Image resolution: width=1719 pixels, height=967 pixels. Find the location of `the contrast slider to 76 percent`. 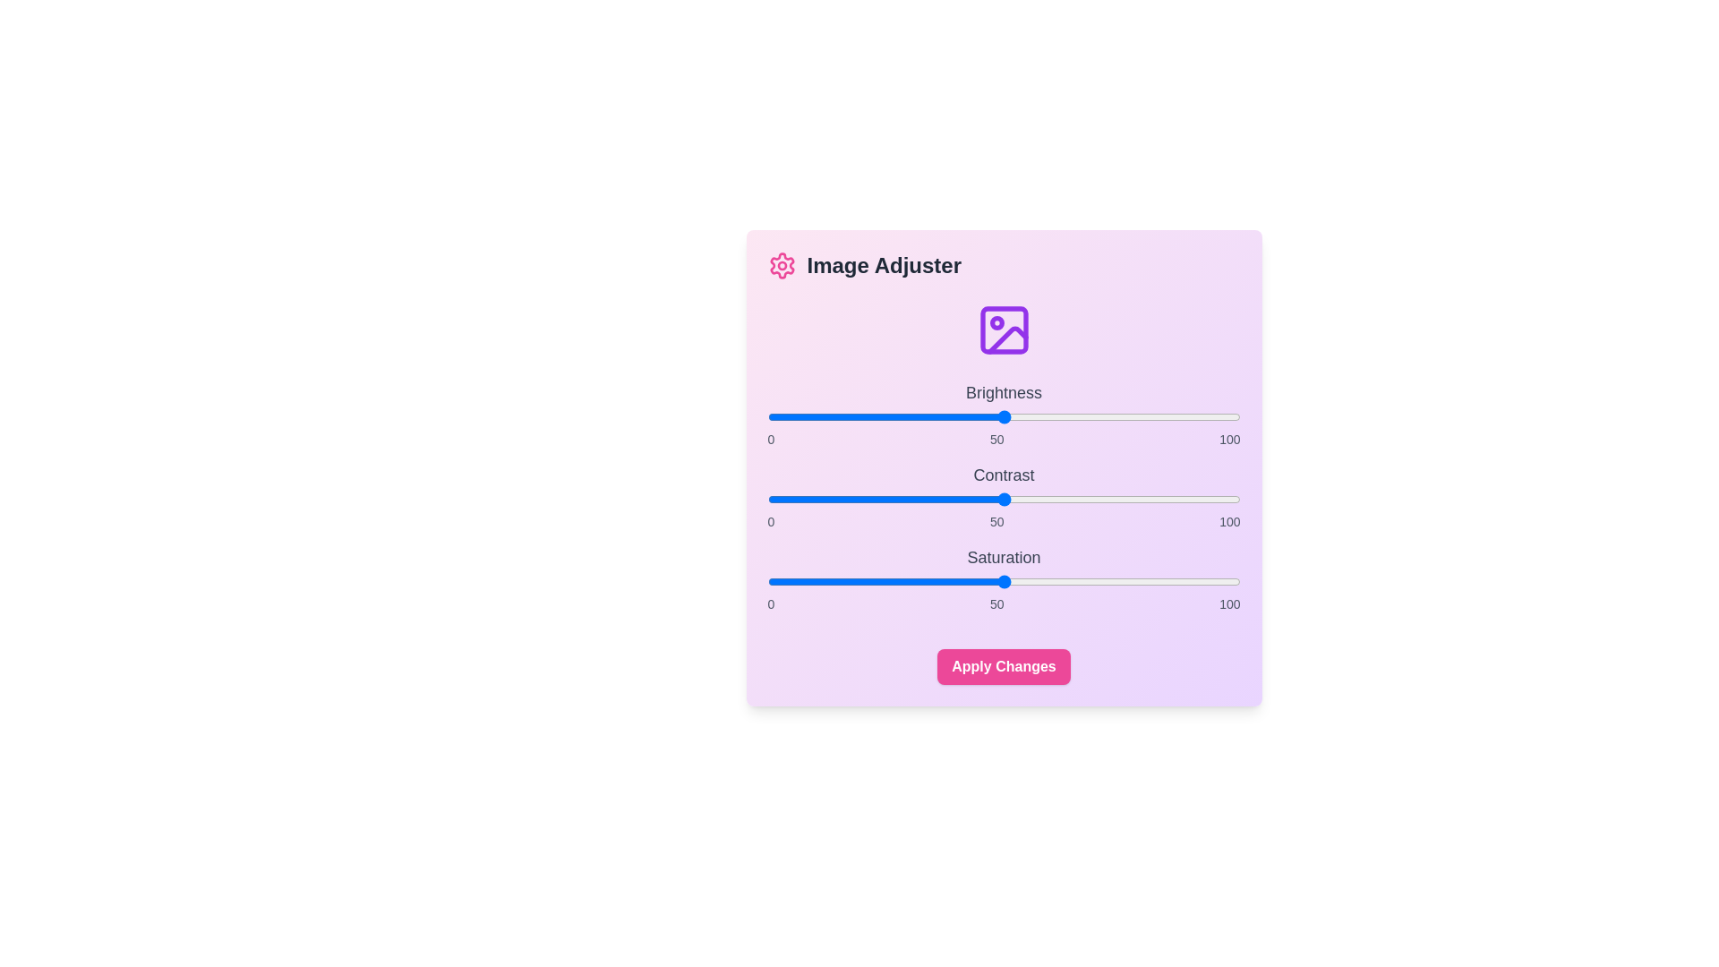

the contrast slider to 76 percent is located at coordinates (1125, 500).